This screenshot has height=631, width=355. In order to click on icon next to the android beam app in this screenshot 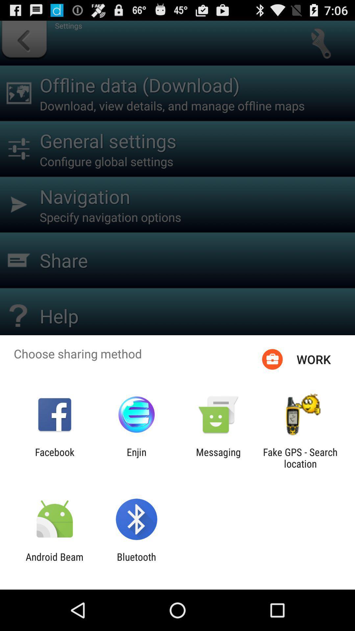, I will do `click(136, 562)`.